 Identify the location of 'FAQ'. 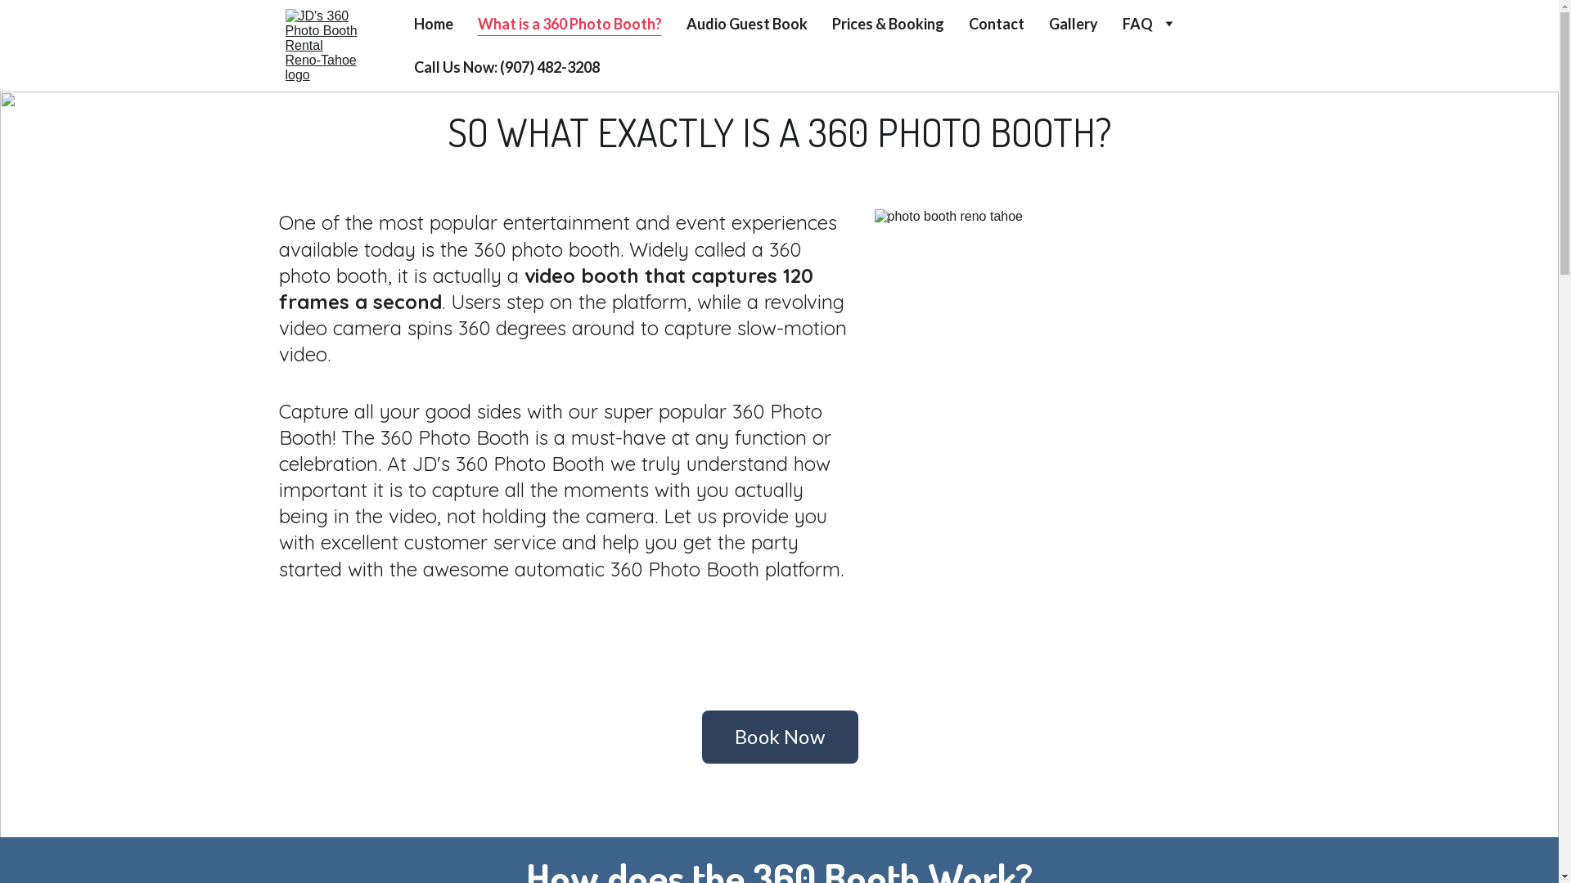
(1137, 24).